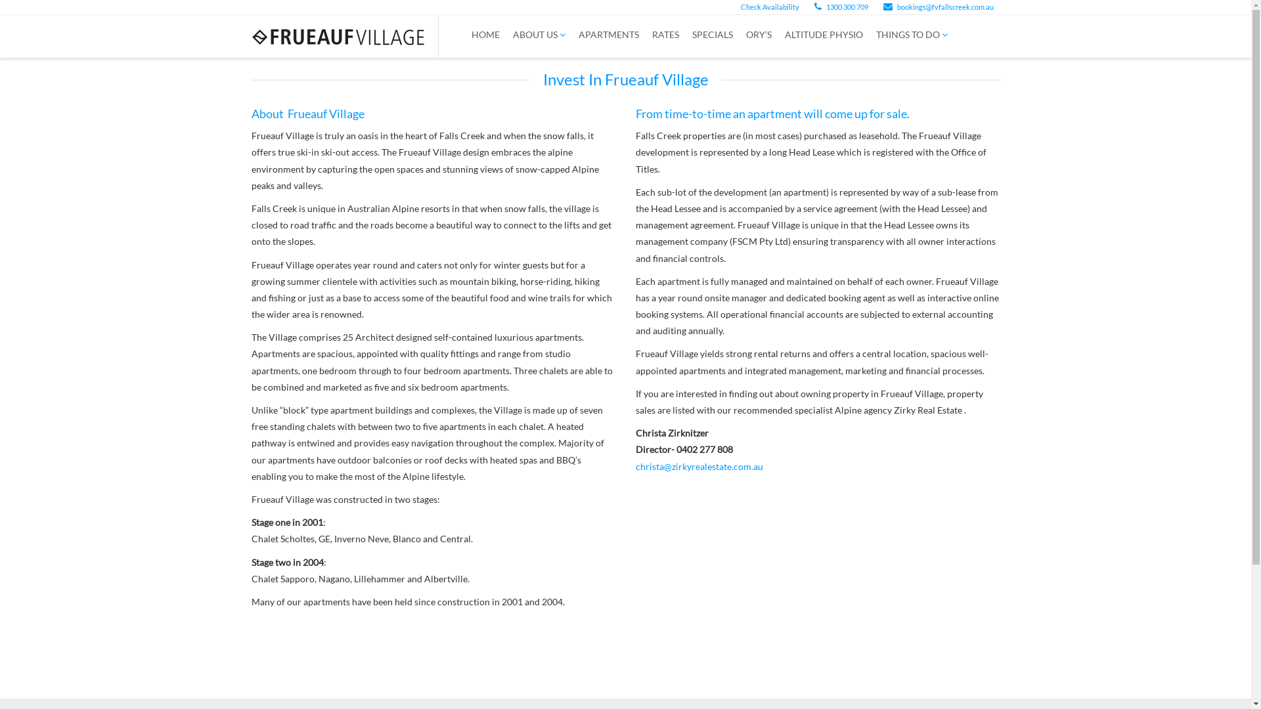 This screenshot has width=1261, height=709. Describe the element at coordinates (911, 34) in the screenshot. I see `'THINGS TO DO'` at that location.